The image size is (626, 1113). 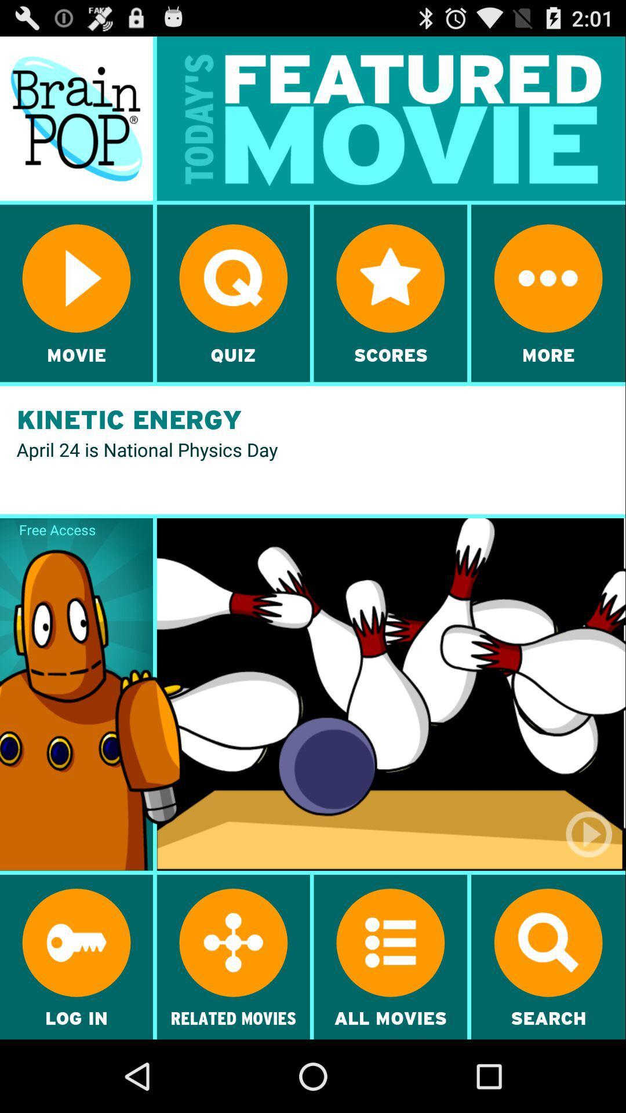 What do you see at coordinates (76, 118) in the screenshot?
I see `home page` at bounding box center [76, 118].